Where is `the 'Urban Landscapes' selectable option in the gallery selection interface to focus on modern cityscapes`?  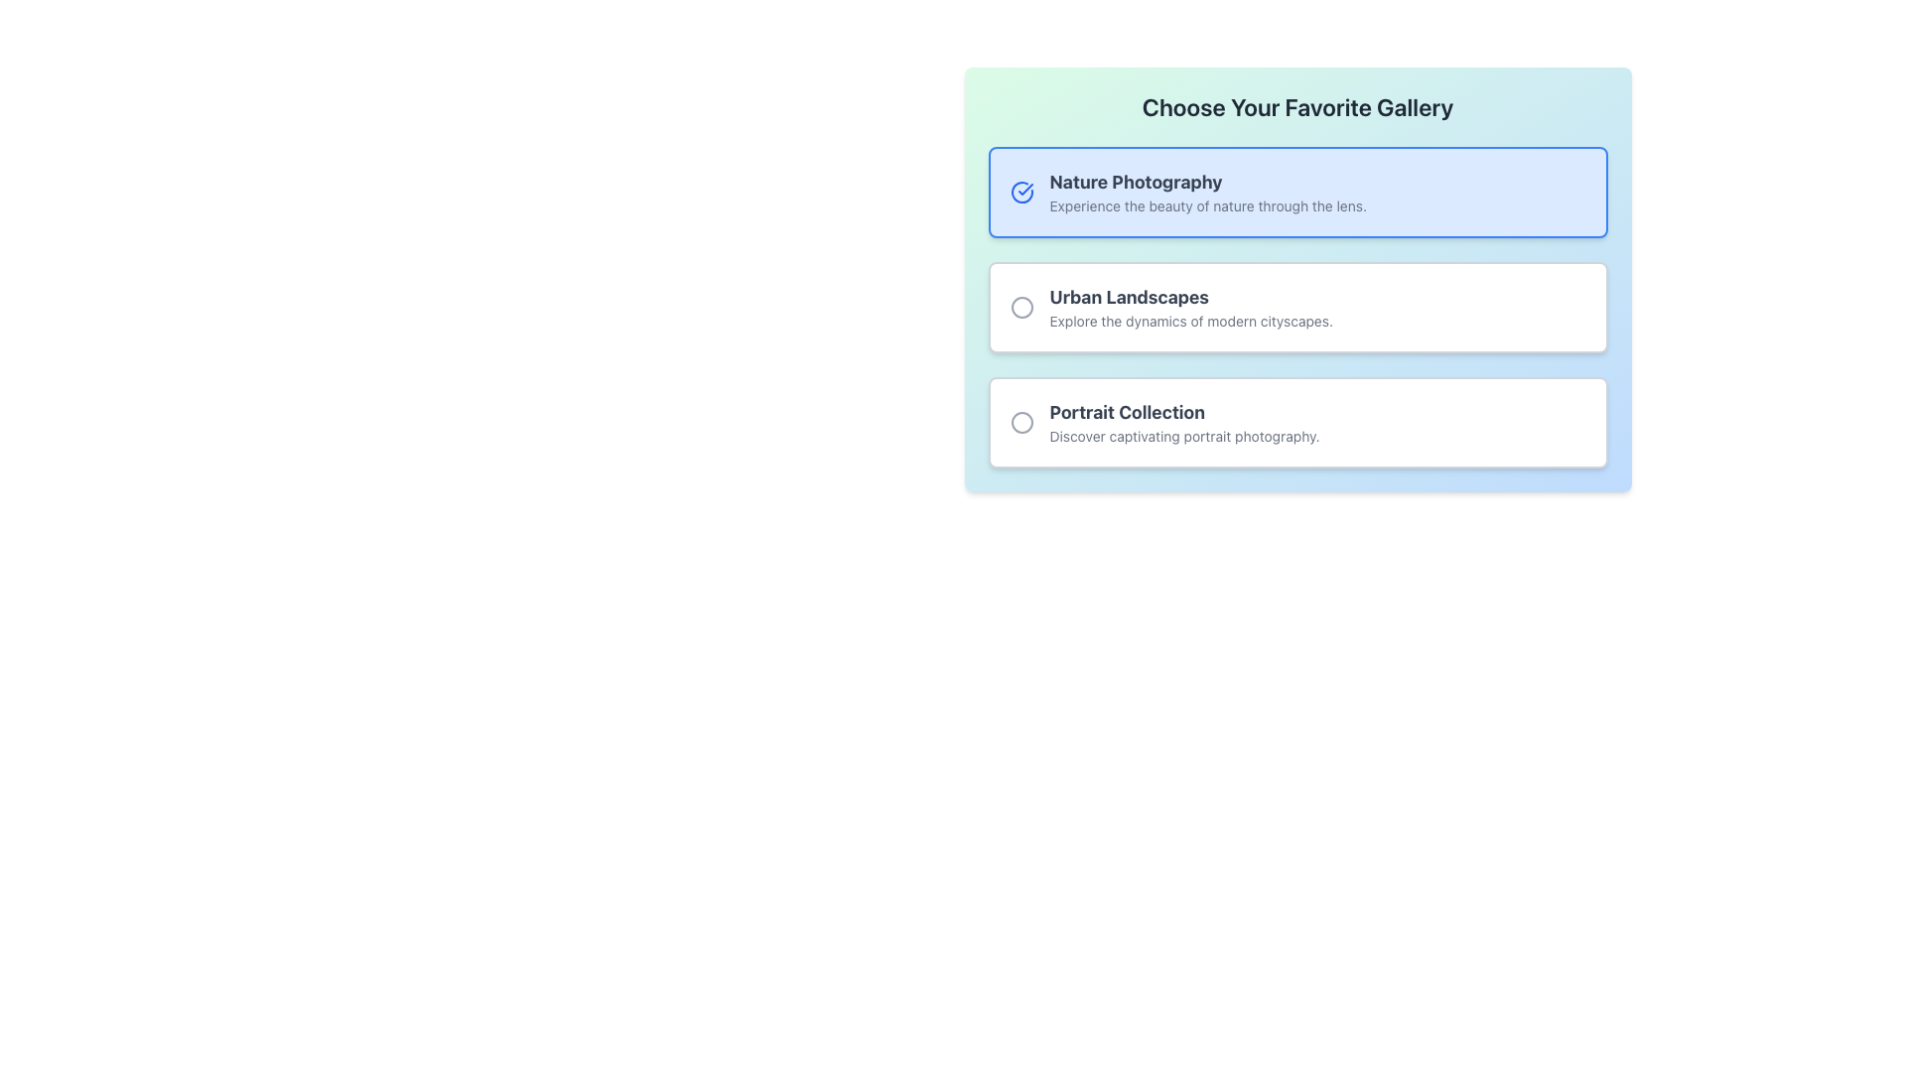
the 'Urban Landscapes' selectable option in the gallery selection interface to focus on modern cityscapes is located at coordinates (1191, 307).